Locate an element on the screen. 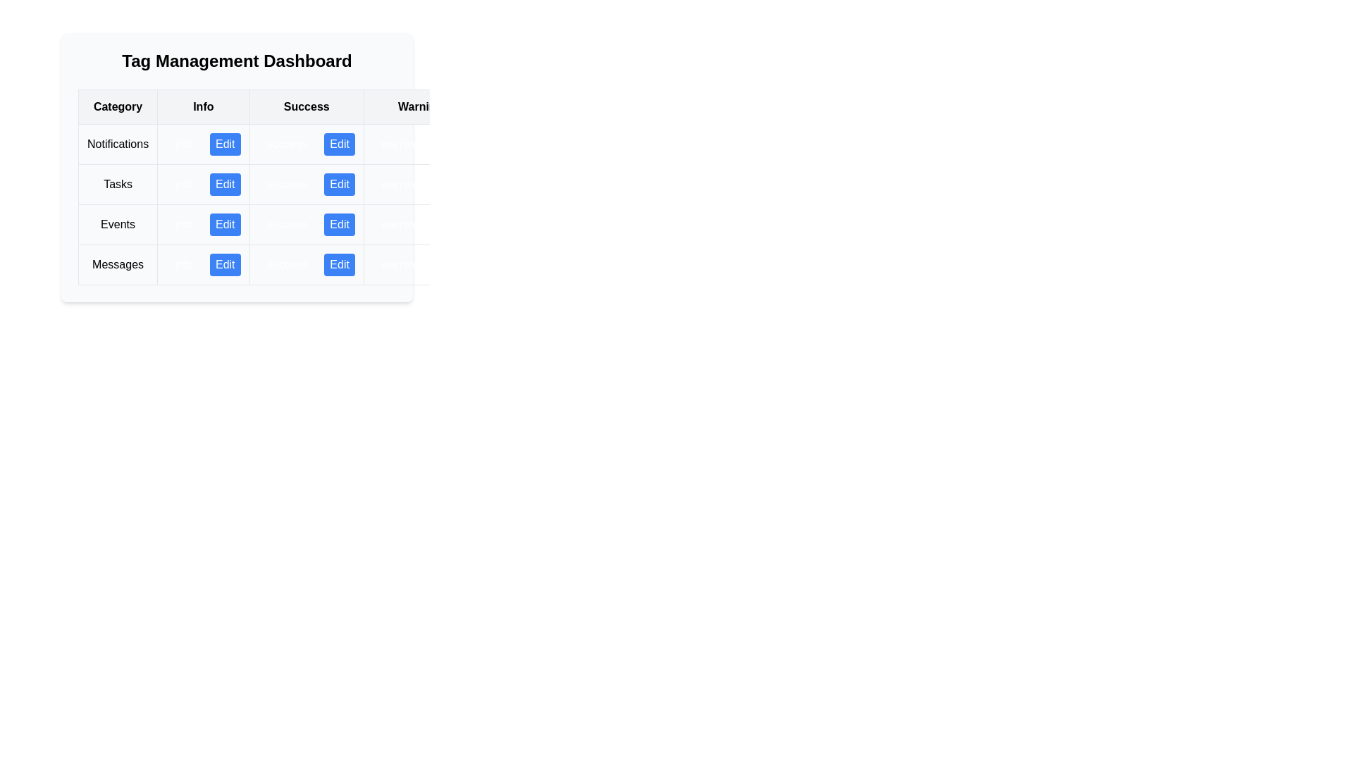 The width and height of the screenshot is (1353, 761). the 'Edit' button located in the first row of the table under the 'Info' column is located at coordinates (224, 144).